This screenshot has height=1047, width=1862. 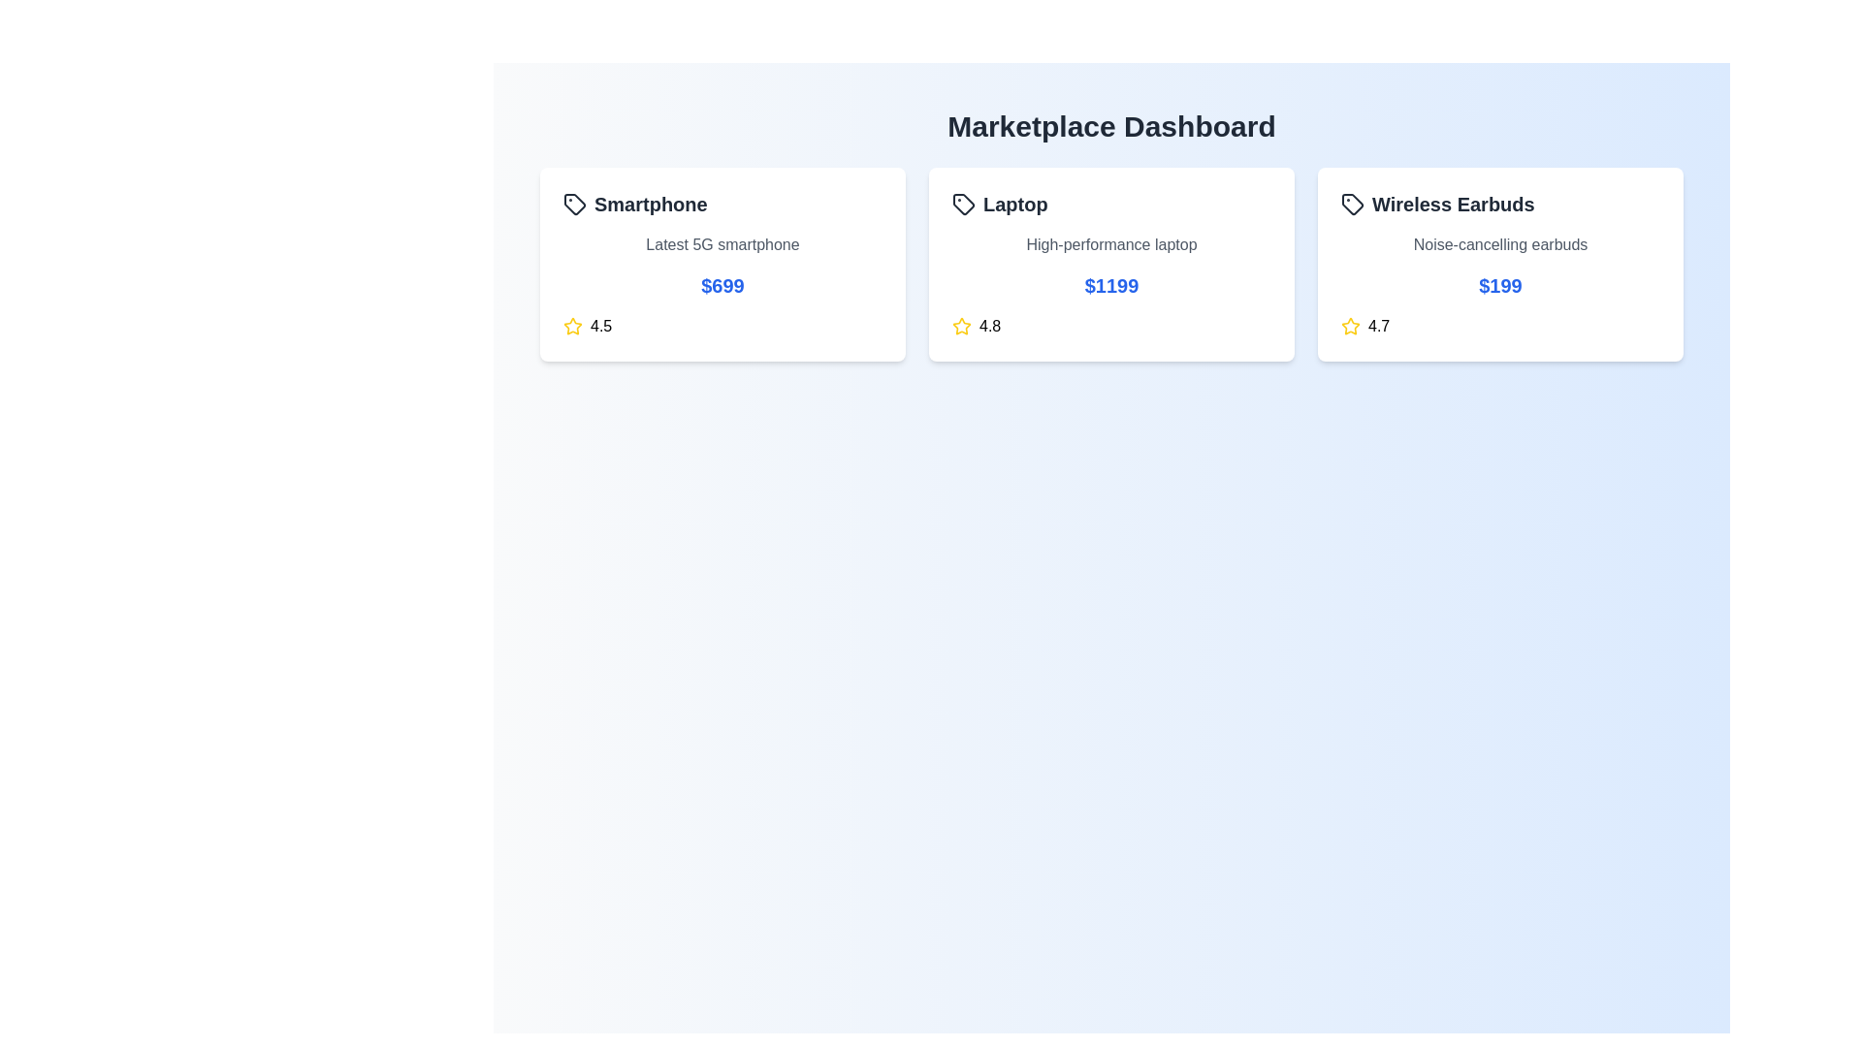 I want to click on pricing text element displaying '$699', which is styled in a bold blue font and located below the descriptive text 'Latest 5G smartphone', so click(x=722, y=285).